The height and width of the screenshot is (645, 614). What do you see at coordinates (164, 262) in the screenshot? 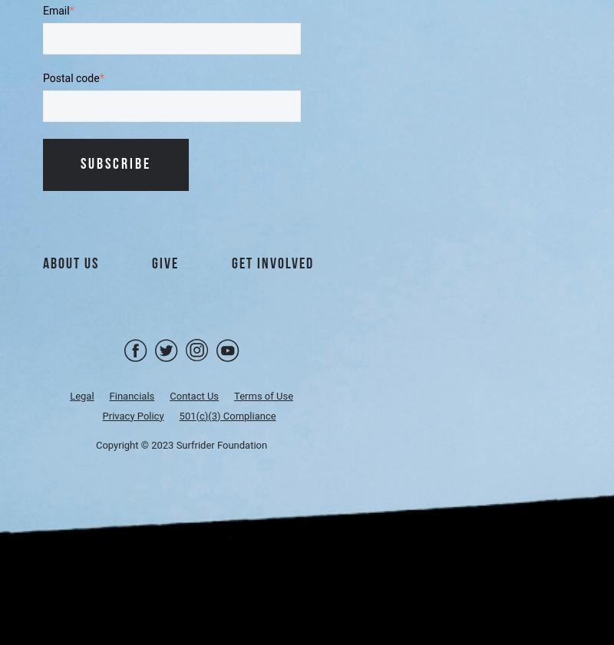
I see `'Give'` at bounding box center [164, 262].